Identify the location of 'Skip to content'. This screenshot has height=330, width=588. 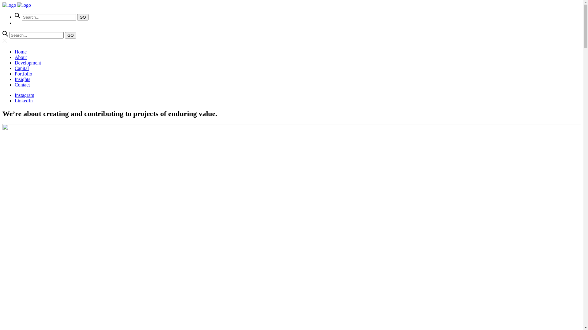
(2, 2).